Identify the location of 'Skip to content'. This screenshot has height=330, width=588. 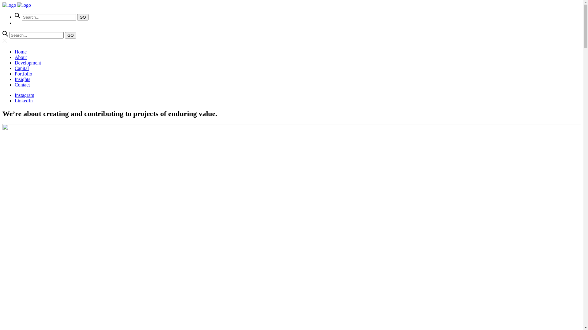
(2, 2).